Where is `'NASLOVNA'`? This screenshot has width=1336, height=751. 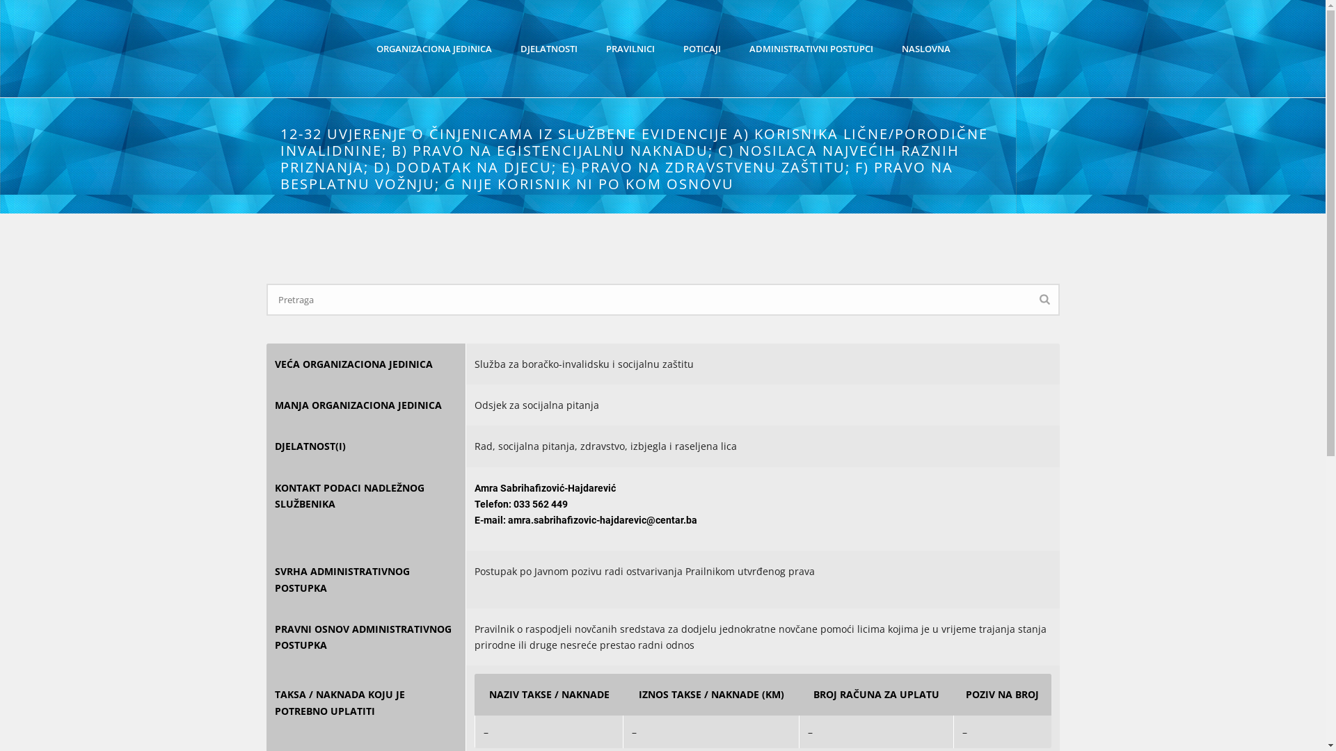
'NASLOVNA' is located at coordinates (887, 47).